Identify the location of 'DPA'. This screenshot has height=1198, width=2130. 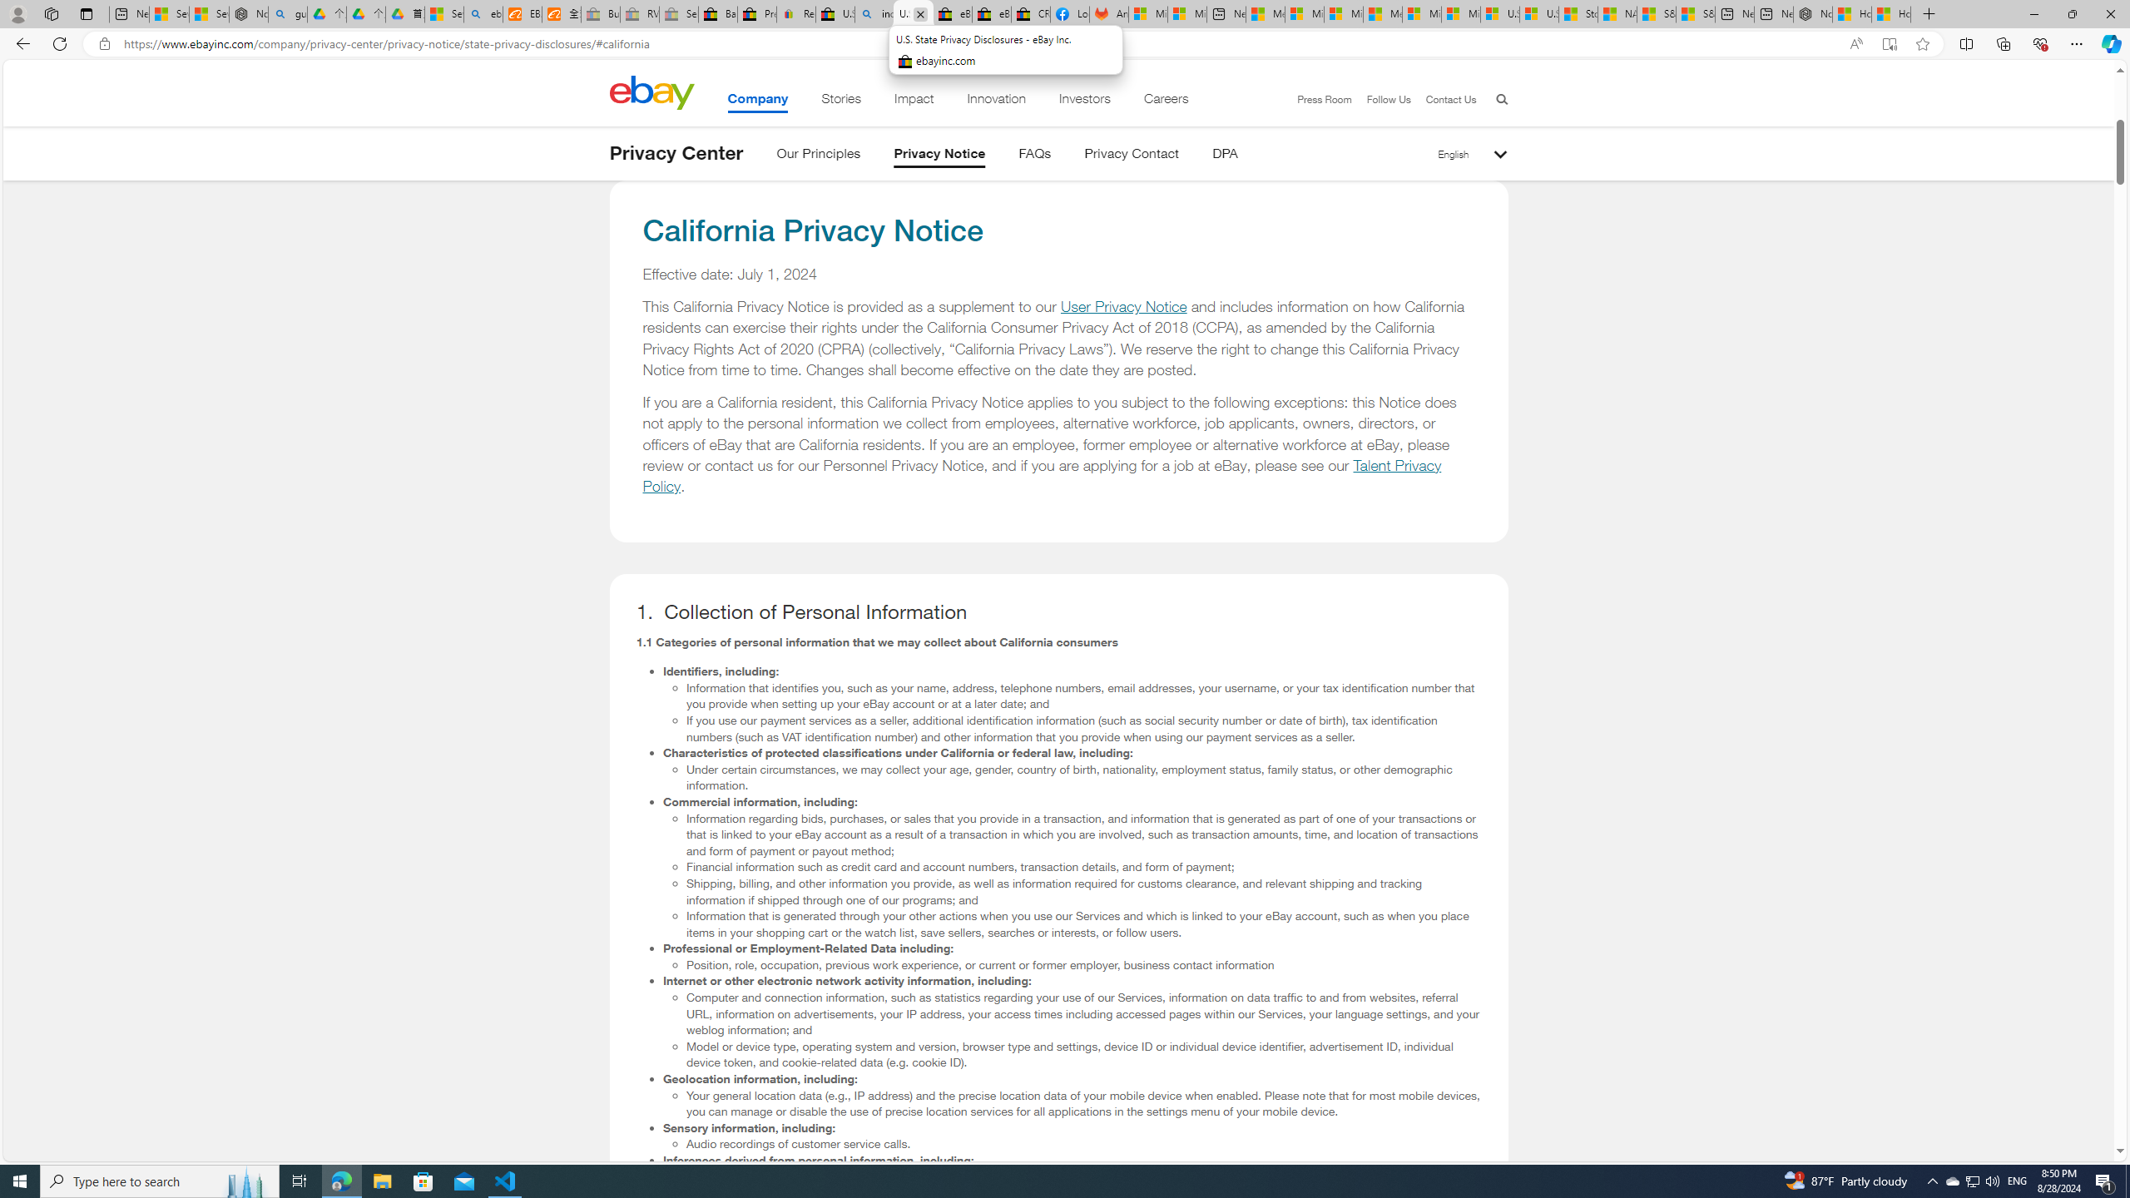
(1224, 156).